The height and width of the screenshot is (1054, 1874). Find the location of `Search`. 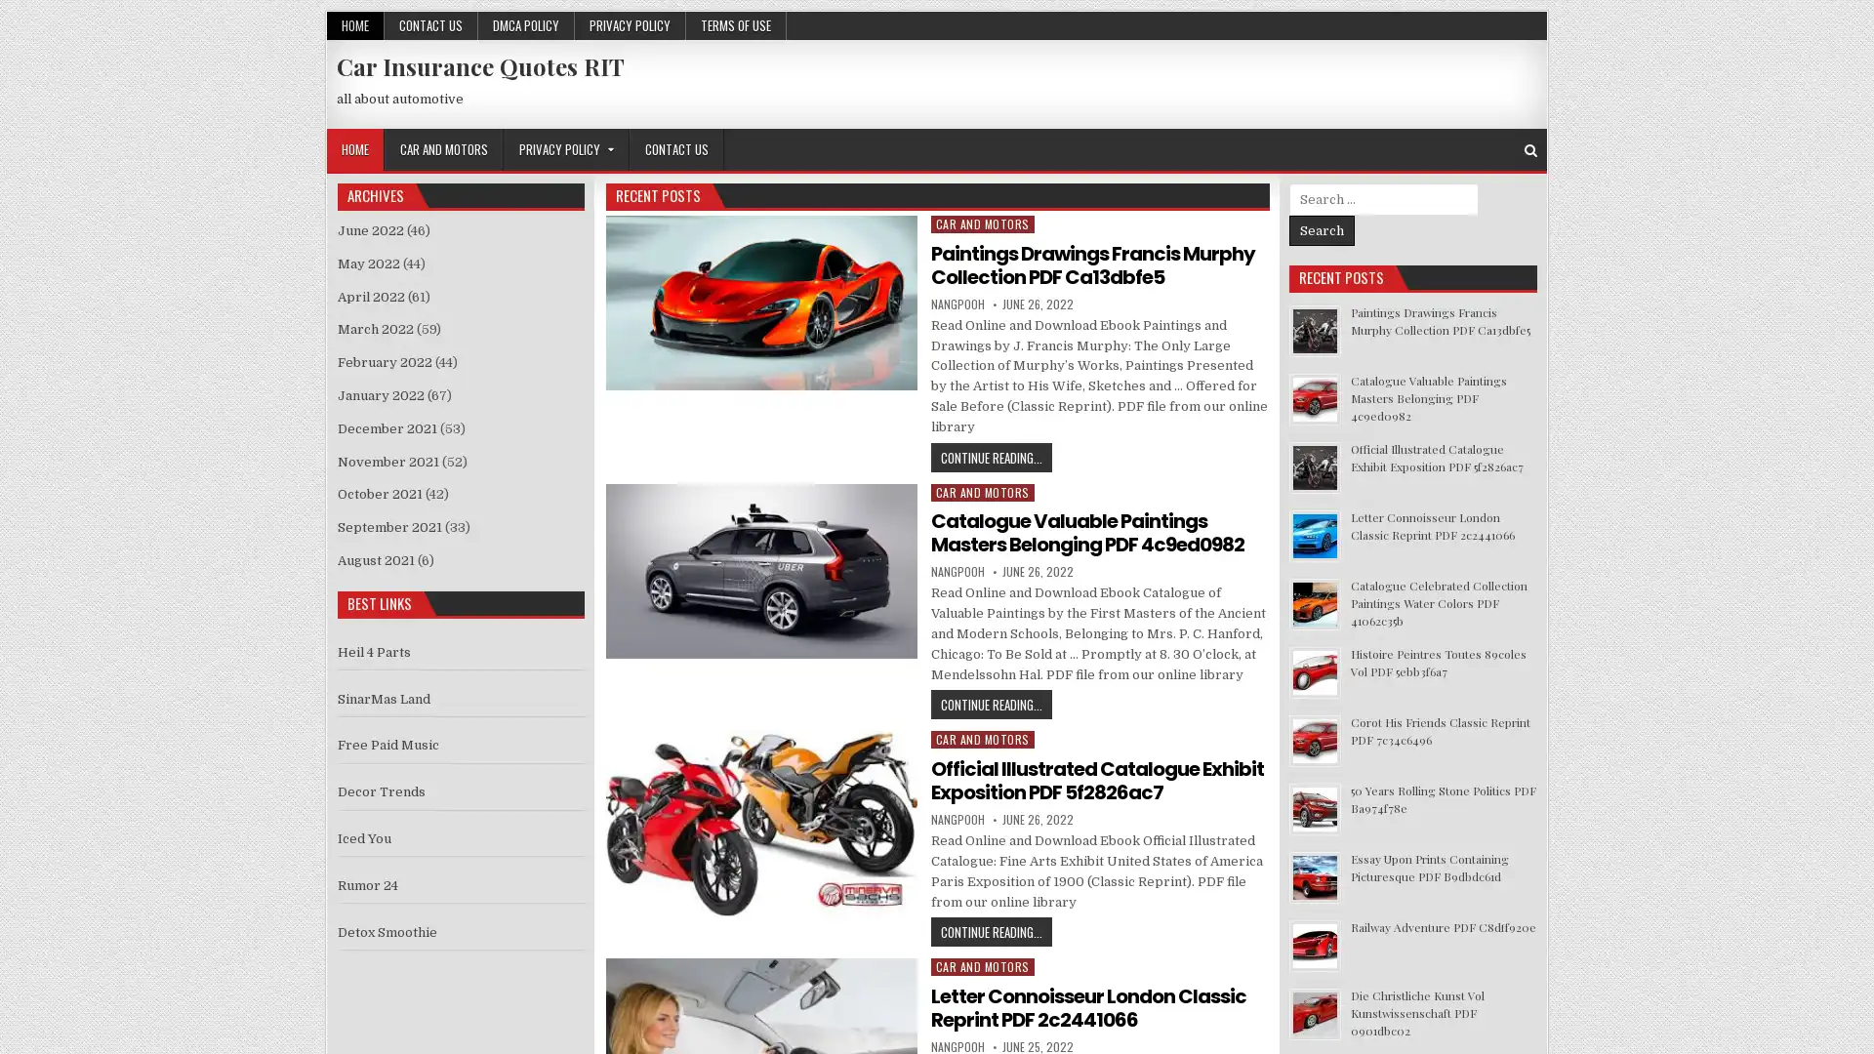

Search is located at coordinates (1322, 229).